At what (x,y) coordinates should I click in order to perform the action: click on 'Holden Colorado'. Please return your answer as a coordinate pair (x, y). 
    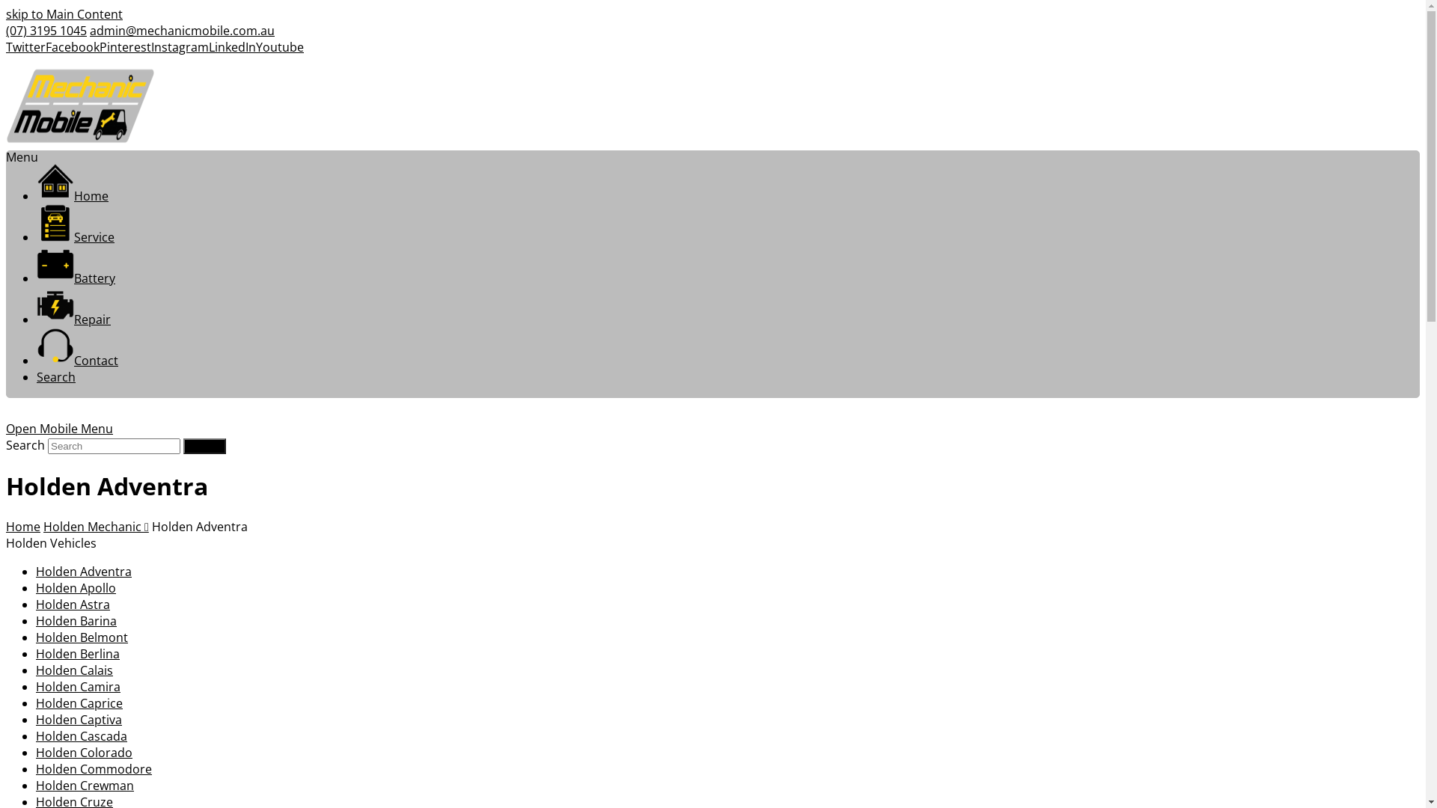
    Looking at the image, I should click on (83, 753).